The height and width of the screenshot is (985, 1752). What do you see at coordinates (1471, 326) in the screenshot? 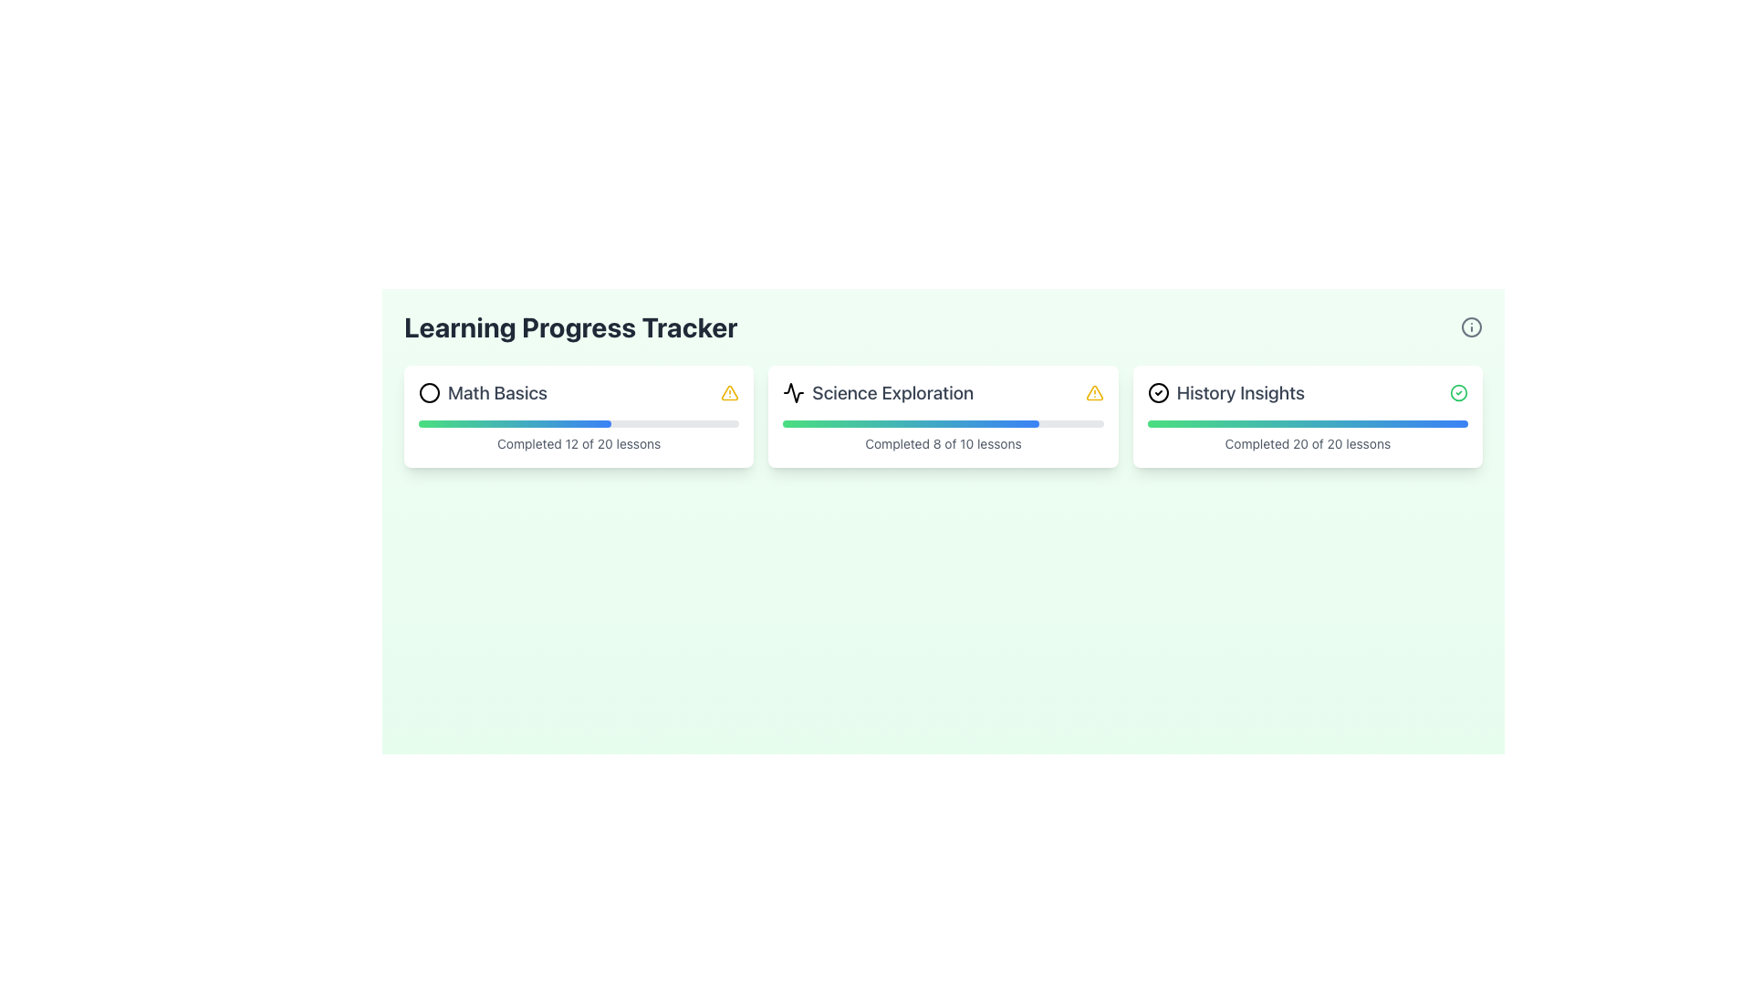
I see `the circular SVG element that serves as the outer border of an information icon, which is filled with no color and bordered by a thin line of variable color` at bounding box center [1471, 326].